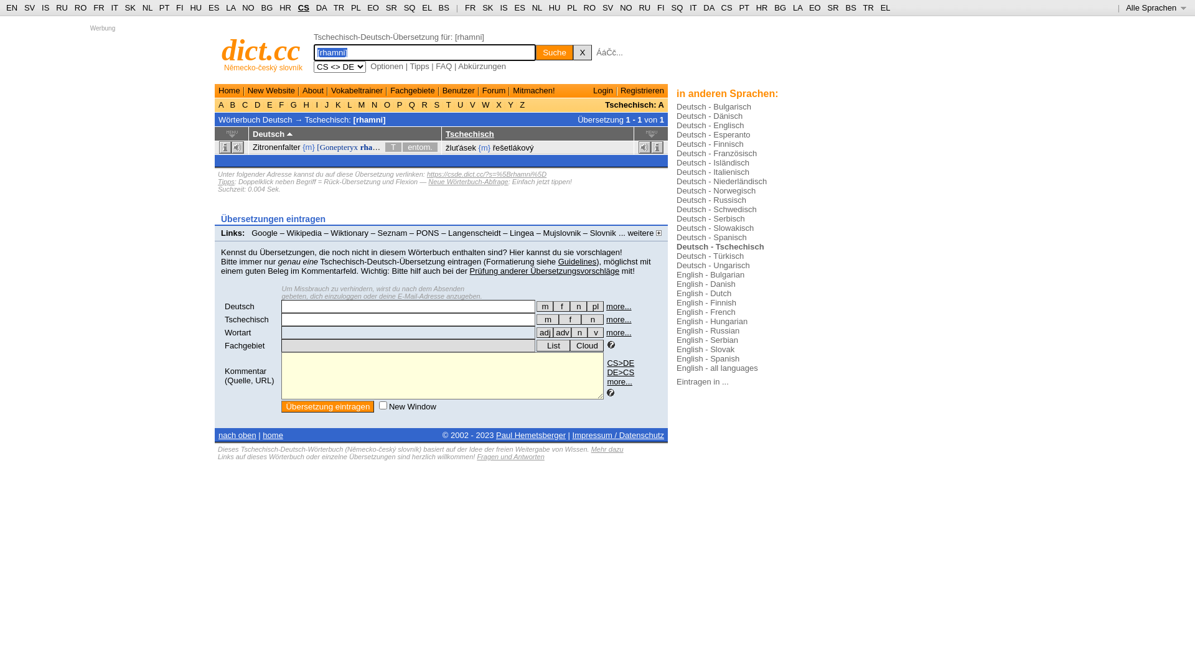 The image size is (1195, 672). Describe the element at coordinates (229, 90) in the screenshot. I see `'Home'` at that location.